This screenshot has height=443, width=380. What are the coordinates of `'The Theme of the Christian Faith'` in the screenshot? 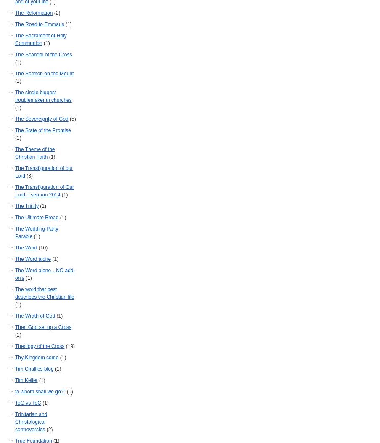 It's located at (34, 153).